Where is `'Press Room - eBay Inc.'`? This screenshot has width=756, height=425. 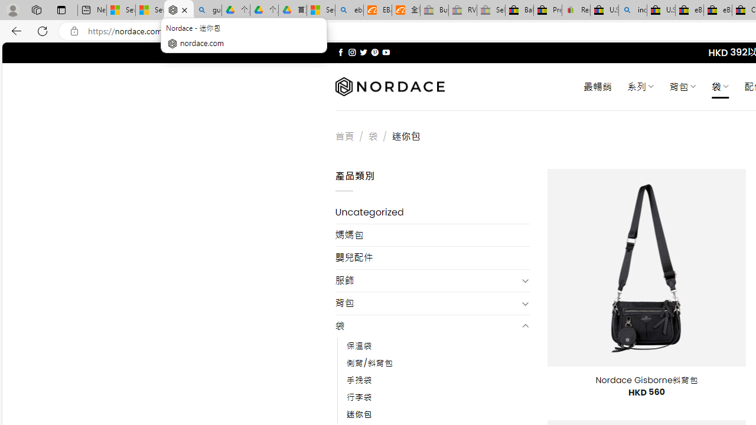 'Press Room - eBay Inc.' is located at coordinates (547, 10).